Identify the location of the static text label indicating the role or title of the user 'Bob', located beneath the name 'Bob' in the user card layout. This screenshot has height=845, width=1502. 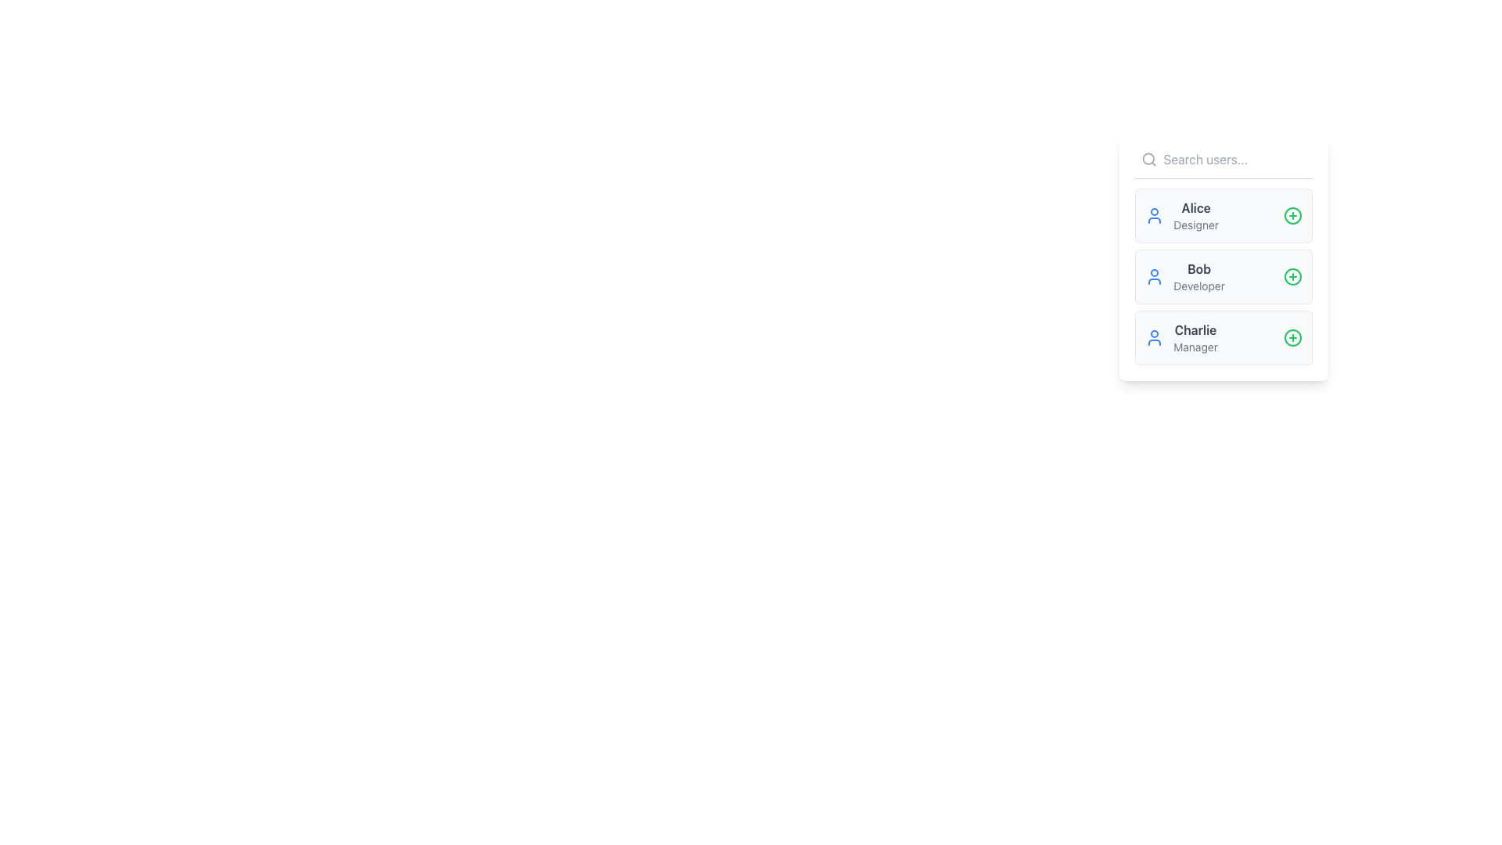
(1198, 286).